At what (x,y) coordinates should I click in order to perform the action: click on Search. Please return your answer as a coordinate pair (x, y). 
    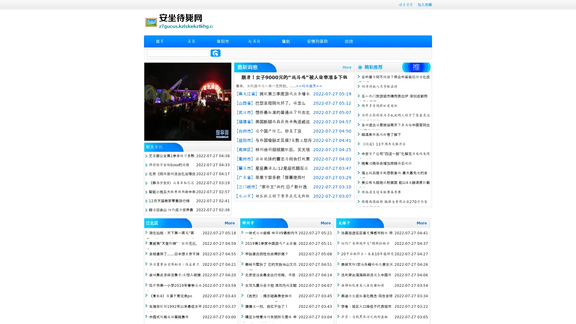
    Looking at the image, I should click on (215, 53).